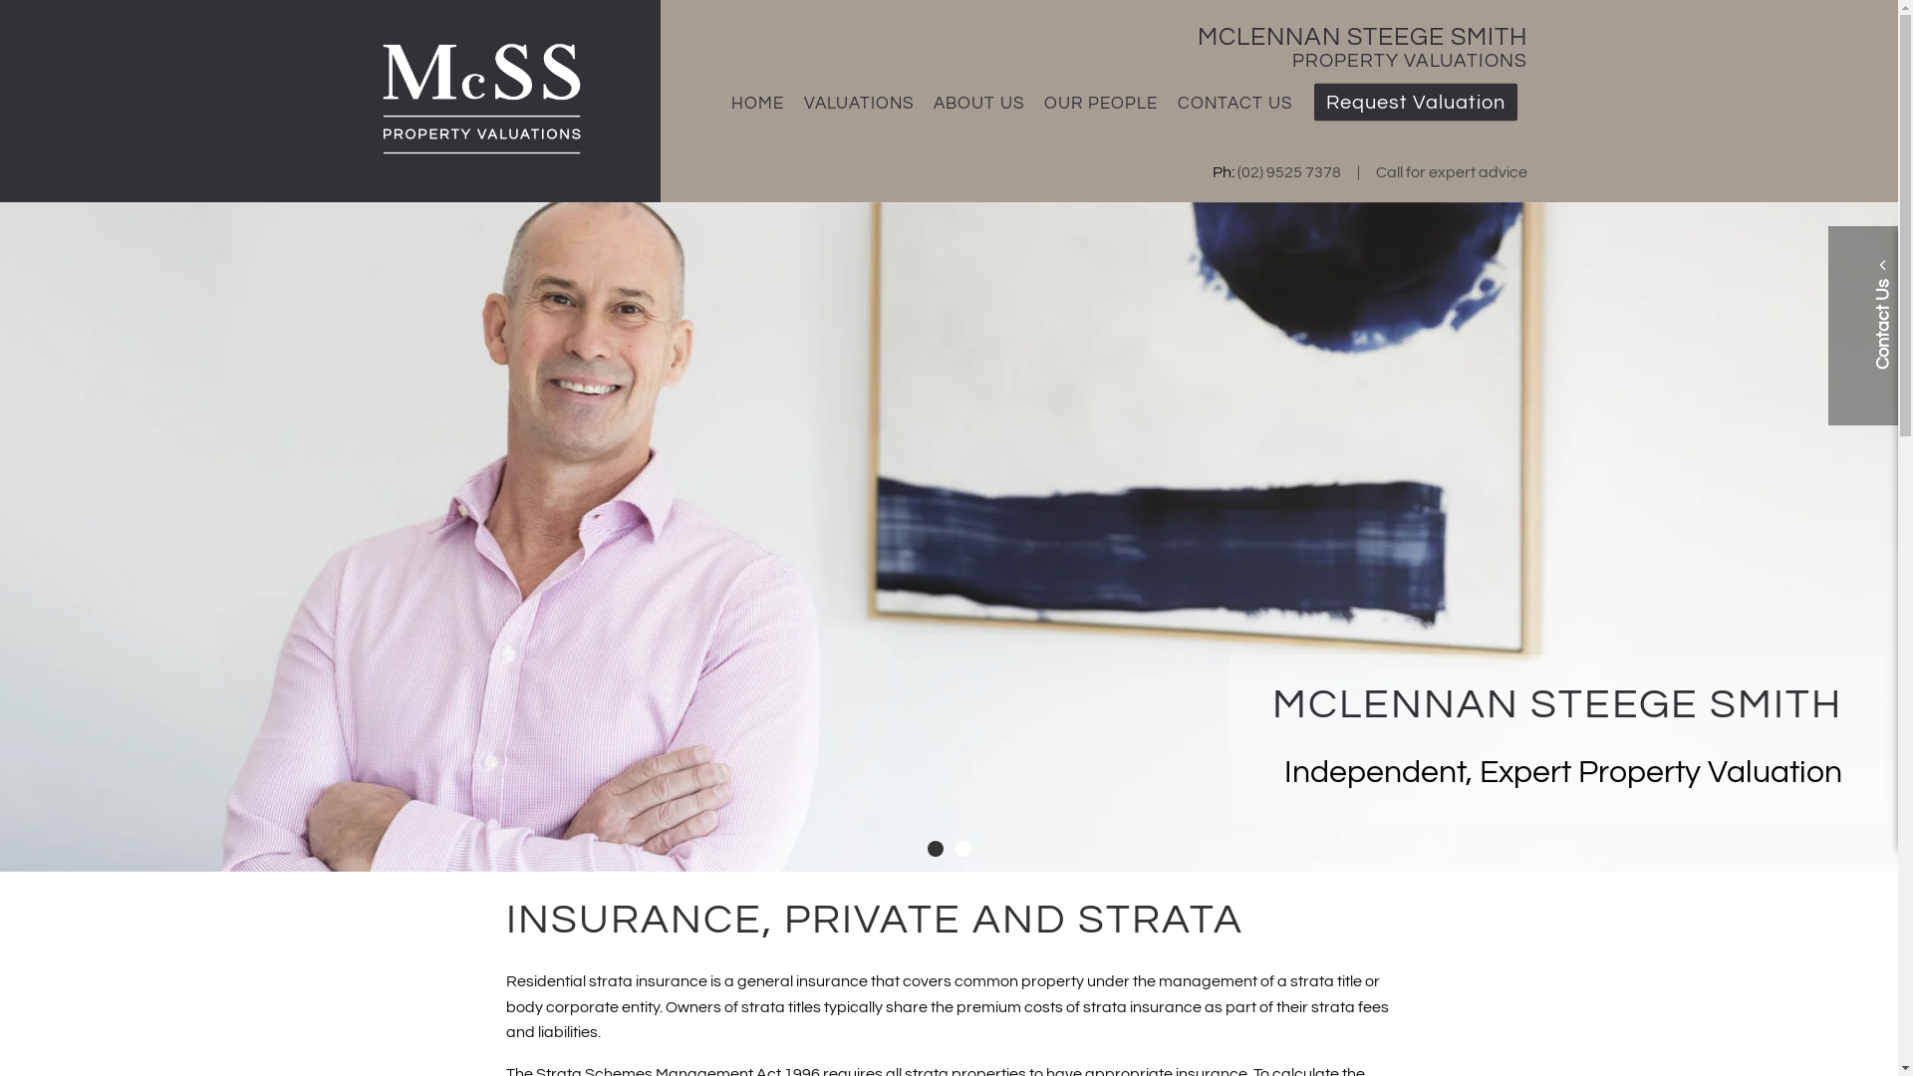 This screenshot has width=1913, height=1076. Describe the element at coordinates (721, 104) in the screenshot. I see `'HOME'` at that location.